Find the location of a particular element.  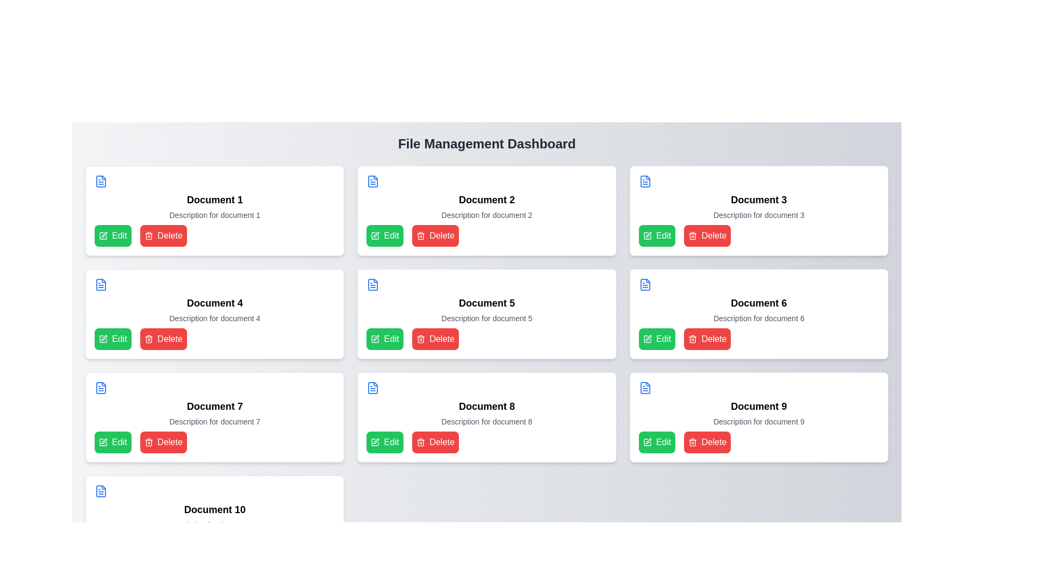

the SVG-based icon representing 'Document 4' located in the second tile of the second column within the displayed grid layout is located at coordinates (101, 284).